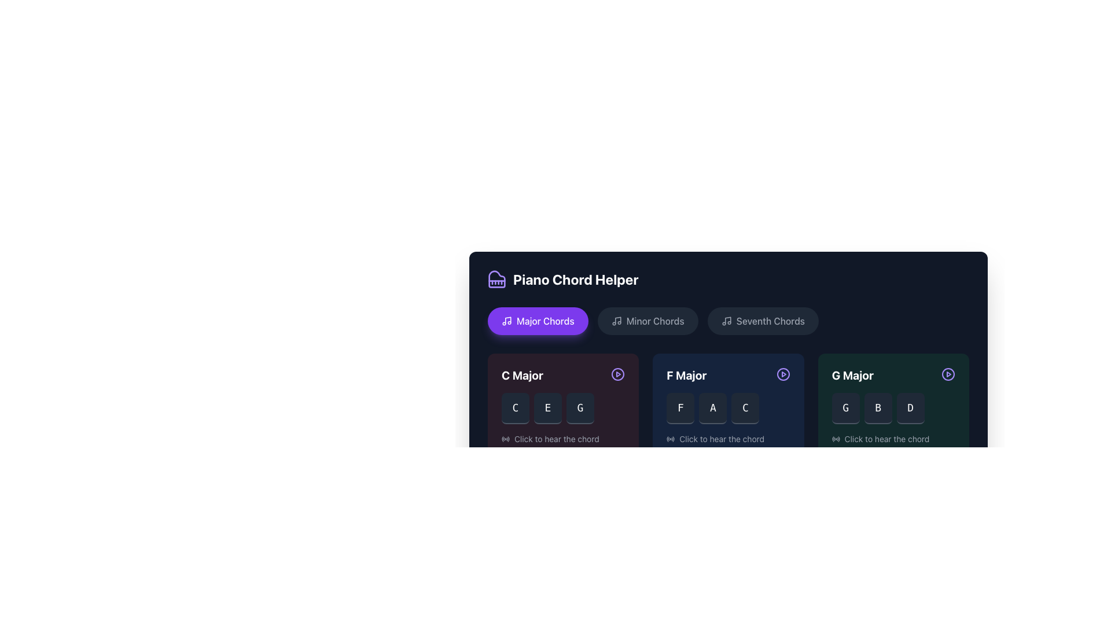 The width and height of the screenshot is (1111, 625). Describe the element at coordinates (763, 321) in the screenshot. I see `the 'Seventh Chords' button, which is a rectangular button with rounded corners and a dark gray background` at that location.